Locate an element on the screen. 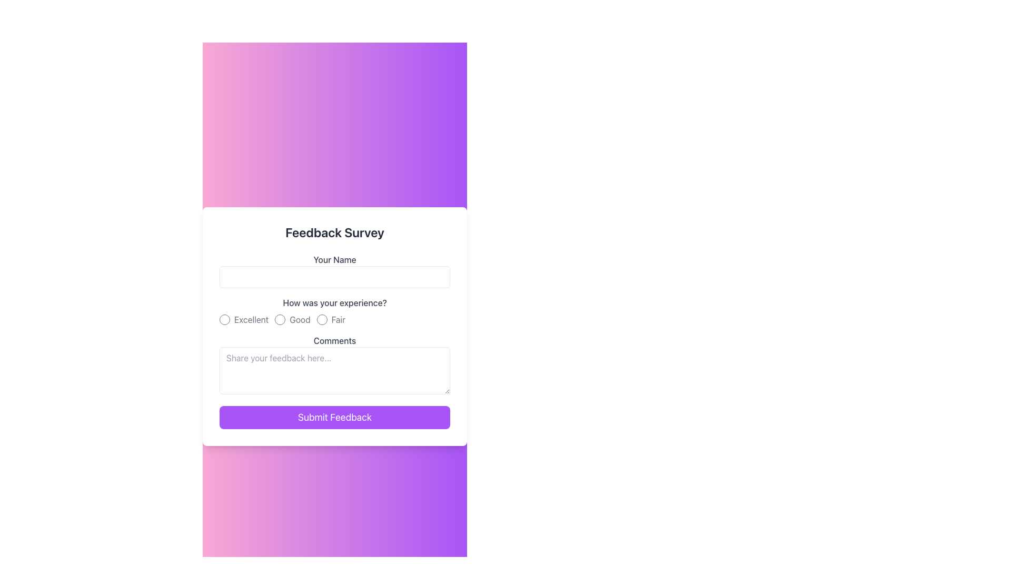 The width and height of the screenshot is (1011, 568). the radio button associated with the 'Good' rating option, which is labeled under the question 'How was your experience?' in the feedback survey form is located at coordinates (292, 319).